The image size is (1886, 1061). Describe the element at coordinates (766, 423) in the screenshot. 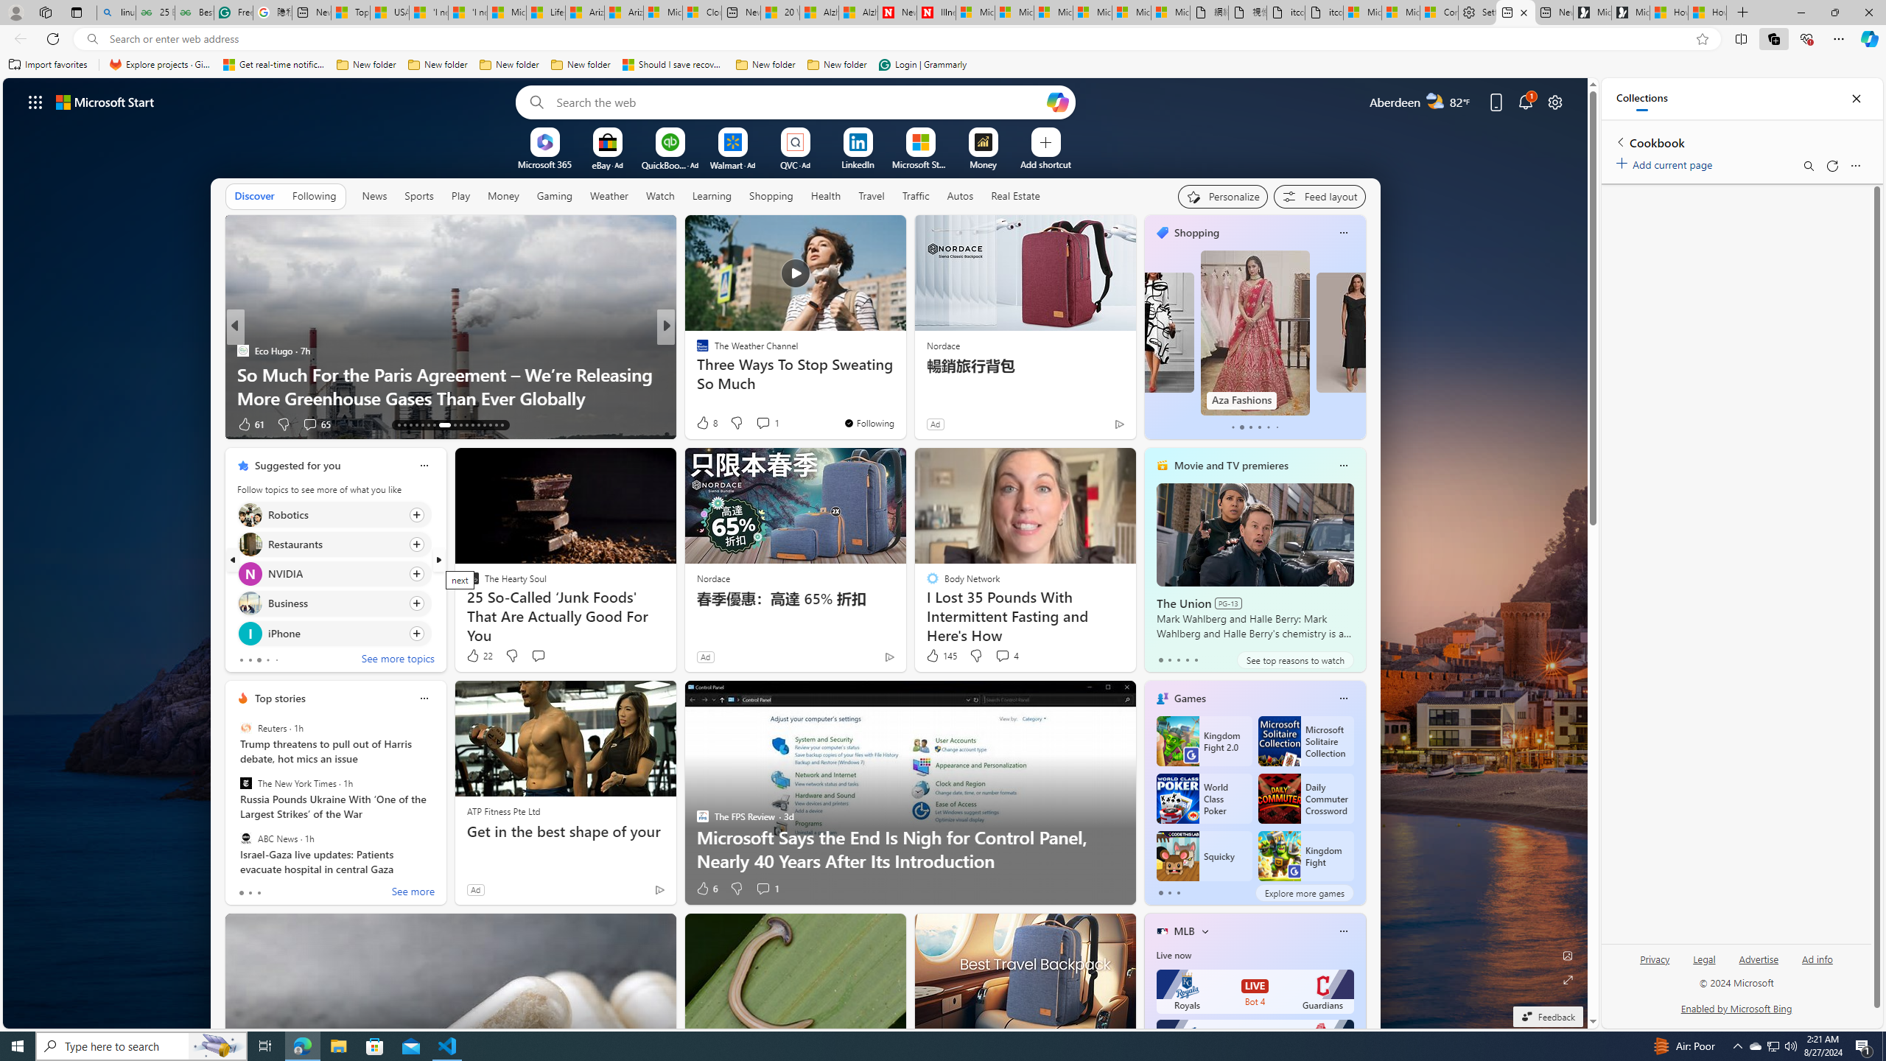

I see `'View comments 3 Comment'` at that location.